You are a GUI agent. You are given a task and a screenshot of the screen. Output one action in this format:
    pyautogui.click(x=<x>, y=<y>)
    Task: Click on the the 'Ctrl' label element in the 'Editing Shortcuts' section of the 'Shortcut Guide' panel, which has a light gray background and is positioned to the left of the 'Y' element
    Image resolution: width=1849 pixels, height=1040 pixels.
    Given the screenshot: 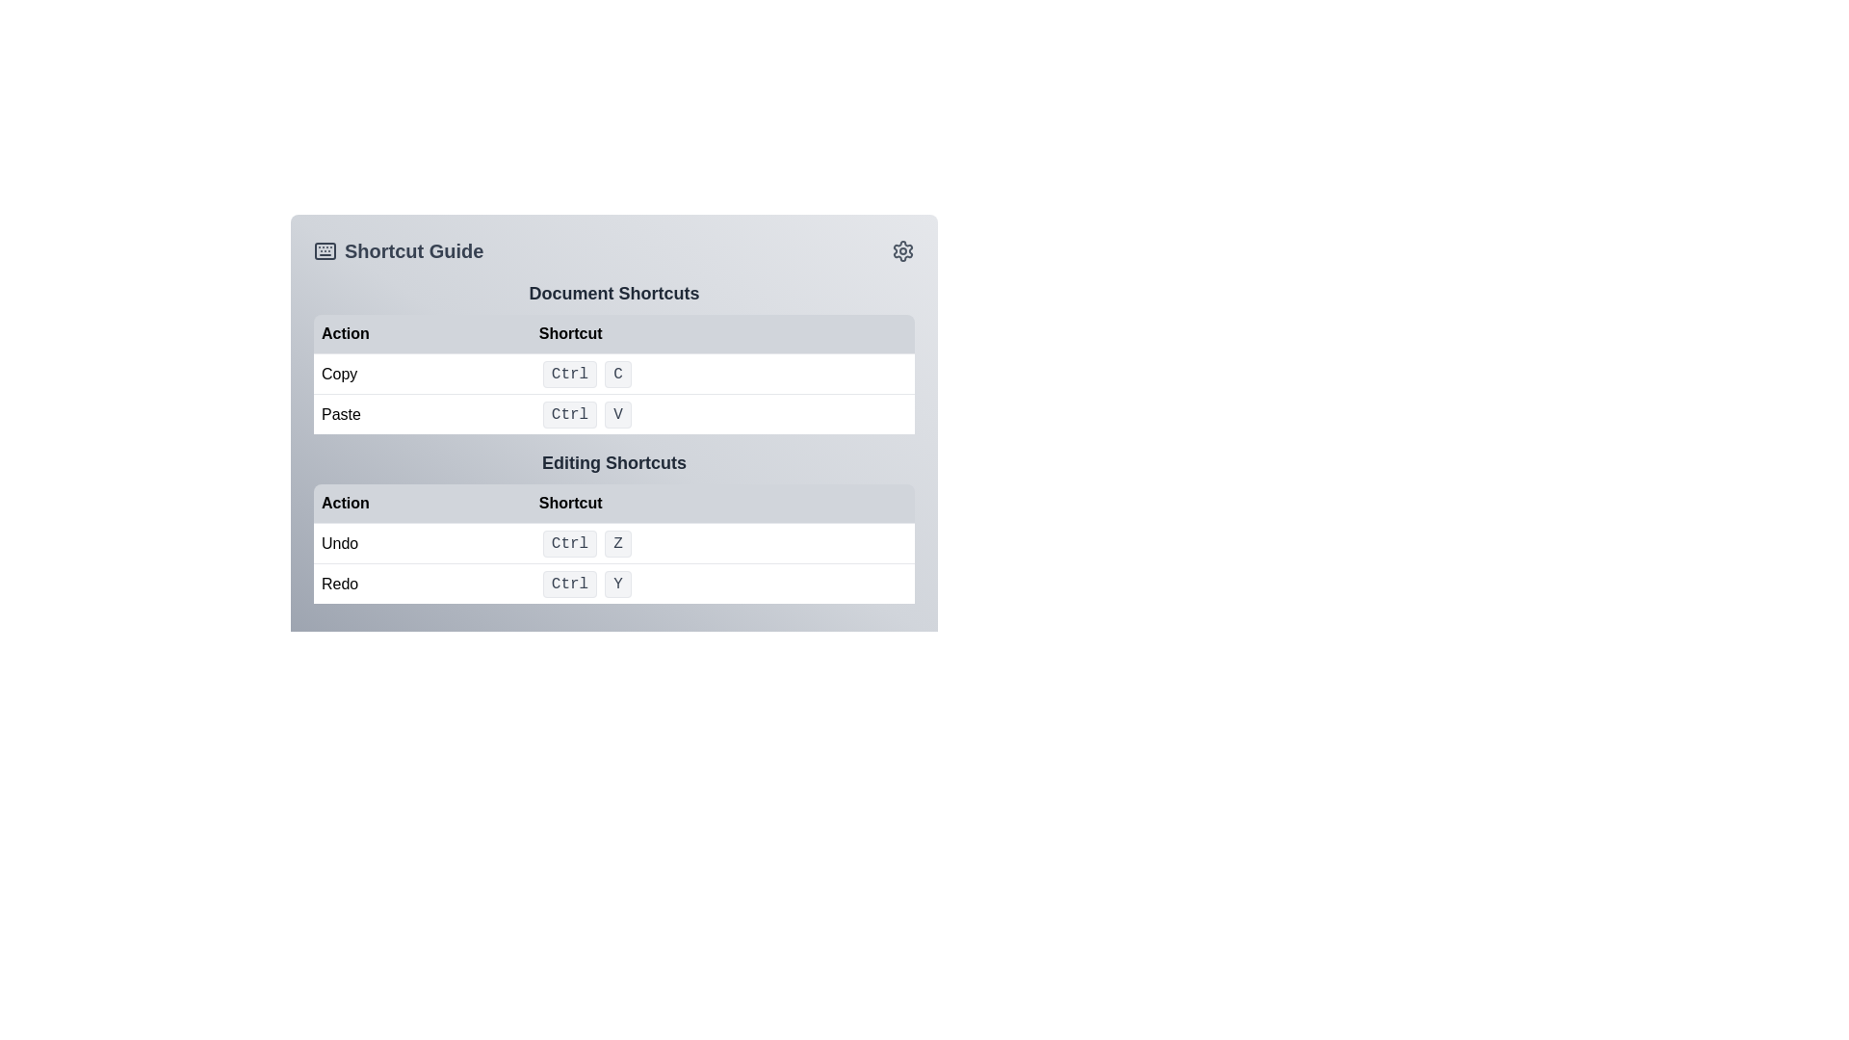 What is the action you would take?
    pyautogui.click(x=568, y=583)
    